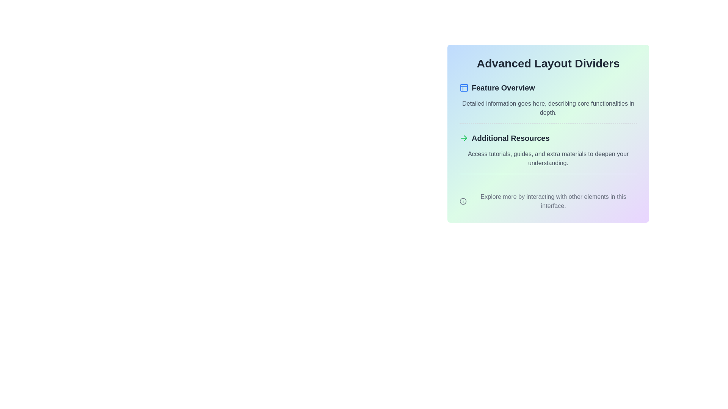 This screenshot has width=728, height=409. What do you see at coordinates (548, 138) in the screenshot?
I see `the 'Additional Resources' text element, which is styled with a bold dark font and has a green arrow pointing to it` at bounding box center [548, 138].